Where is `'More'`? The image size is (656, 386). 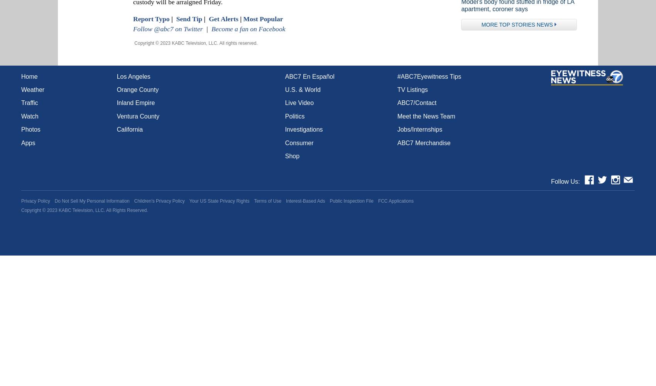 'More' is located at coordinates (490, 24).